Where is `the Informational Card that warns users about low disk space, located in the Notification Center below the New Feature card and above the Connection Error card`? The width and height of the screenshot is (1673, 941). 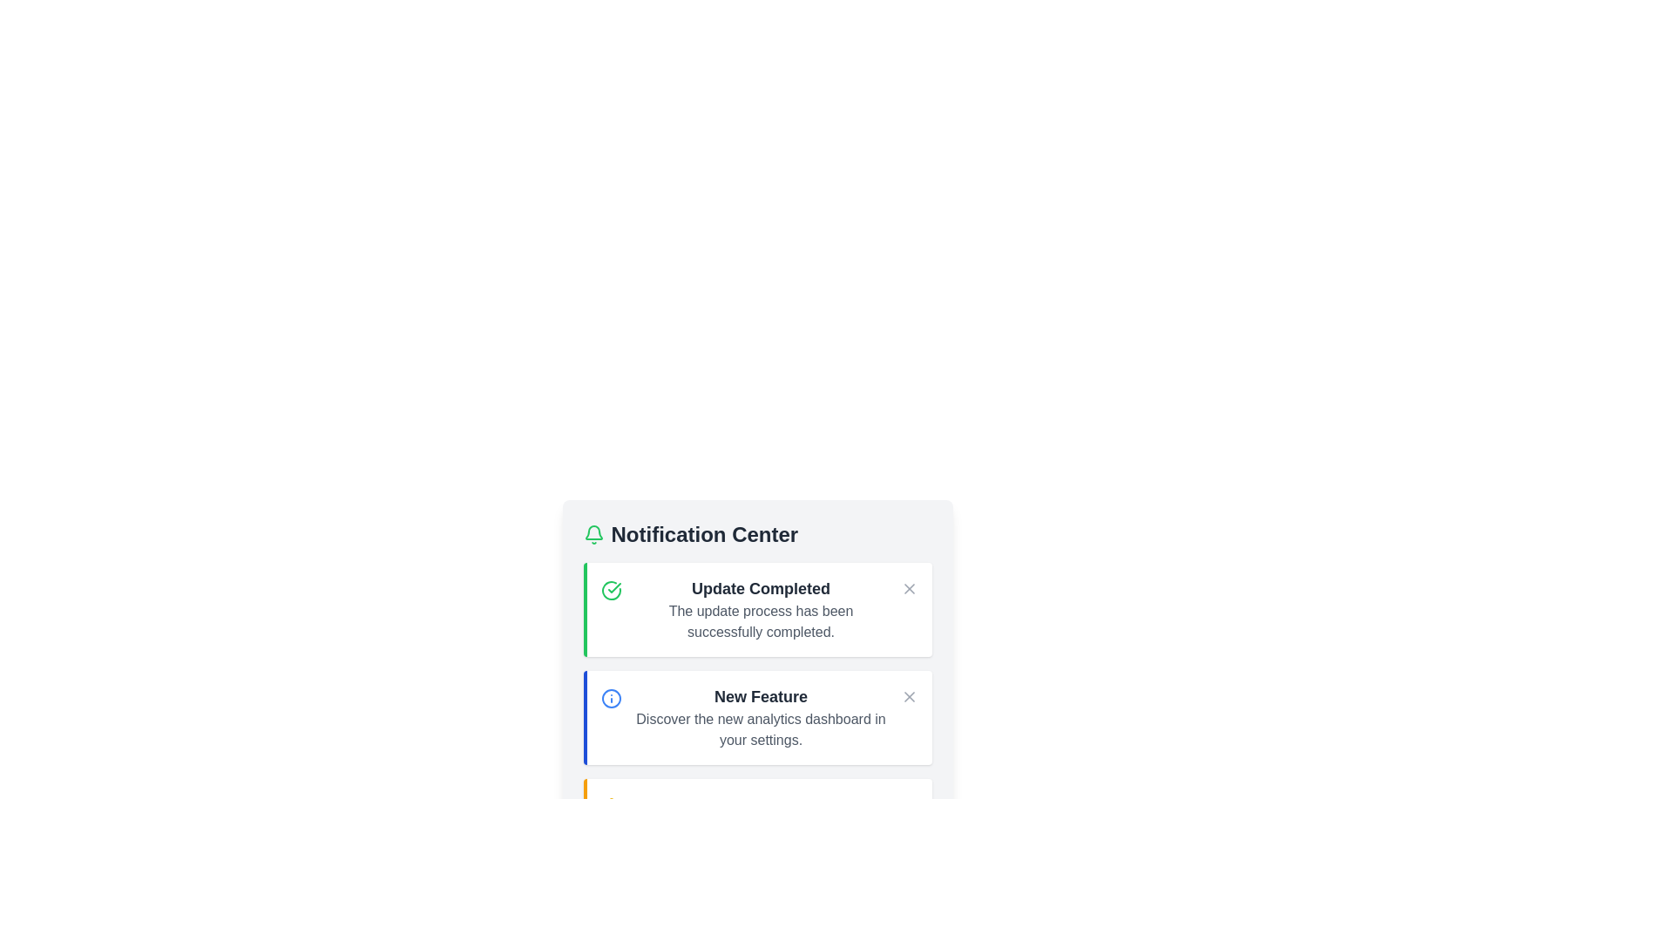
the Informational Card that warns users about low disk space, located in the Notification Center below the New Feature card and above the Connection Error card is located at coordinates (757, 825).